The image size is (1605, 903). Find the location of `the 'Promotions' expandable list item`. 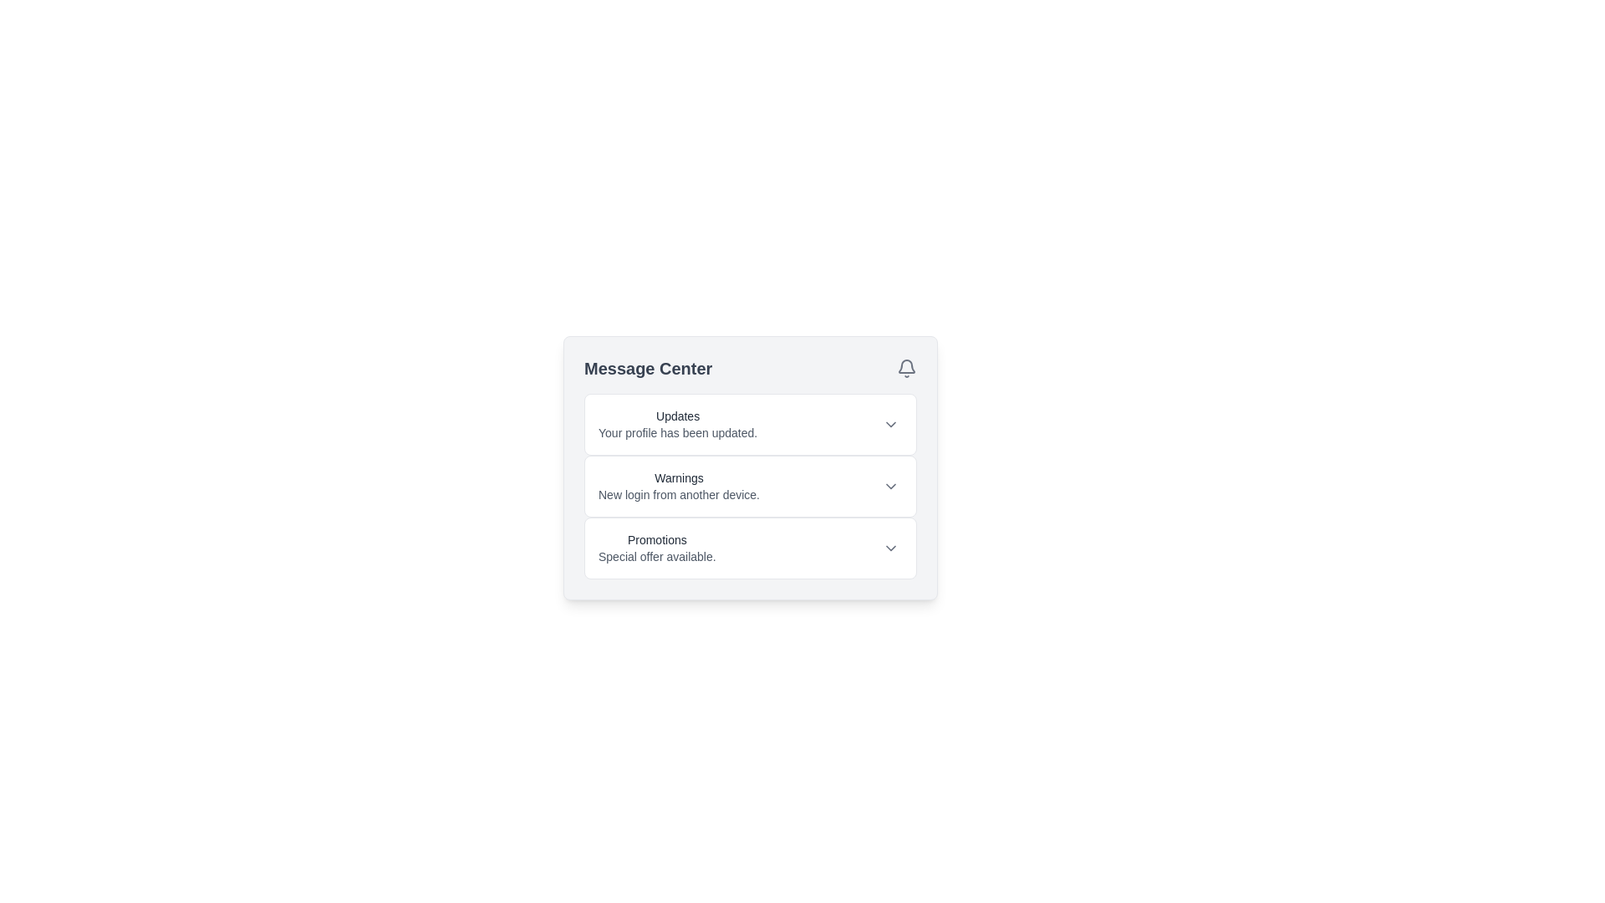

the 'Promotions' expandable list item is located at coordinates (749, 548).